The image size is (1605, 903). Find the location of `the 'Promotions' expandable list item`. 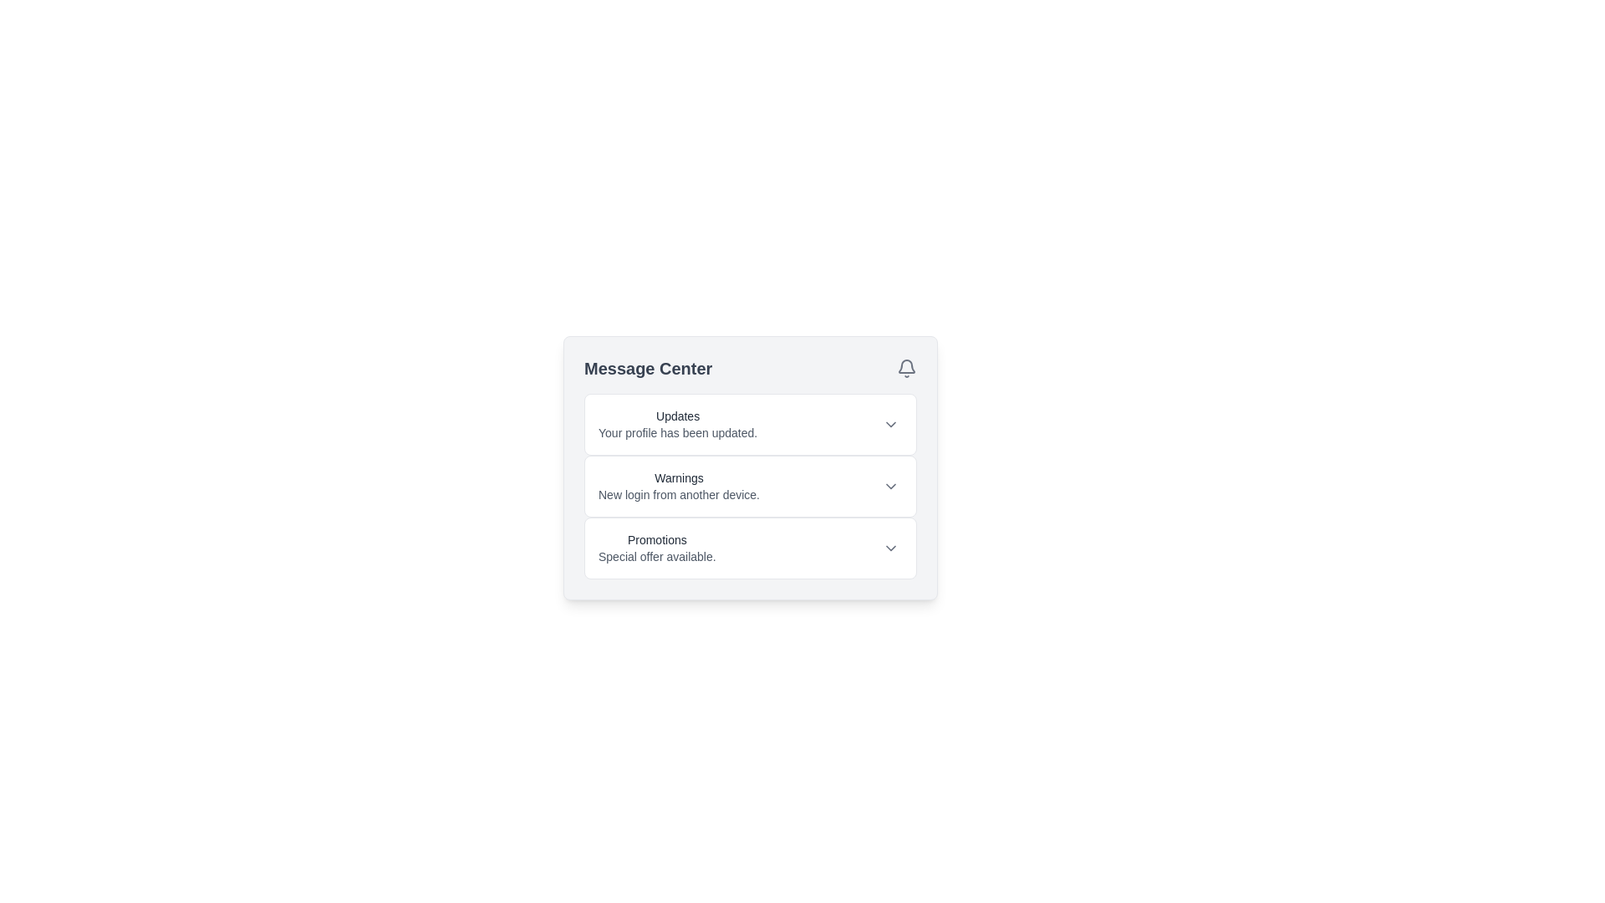

the 'Promotions' expandable list item is located at coordinates (749, 548).